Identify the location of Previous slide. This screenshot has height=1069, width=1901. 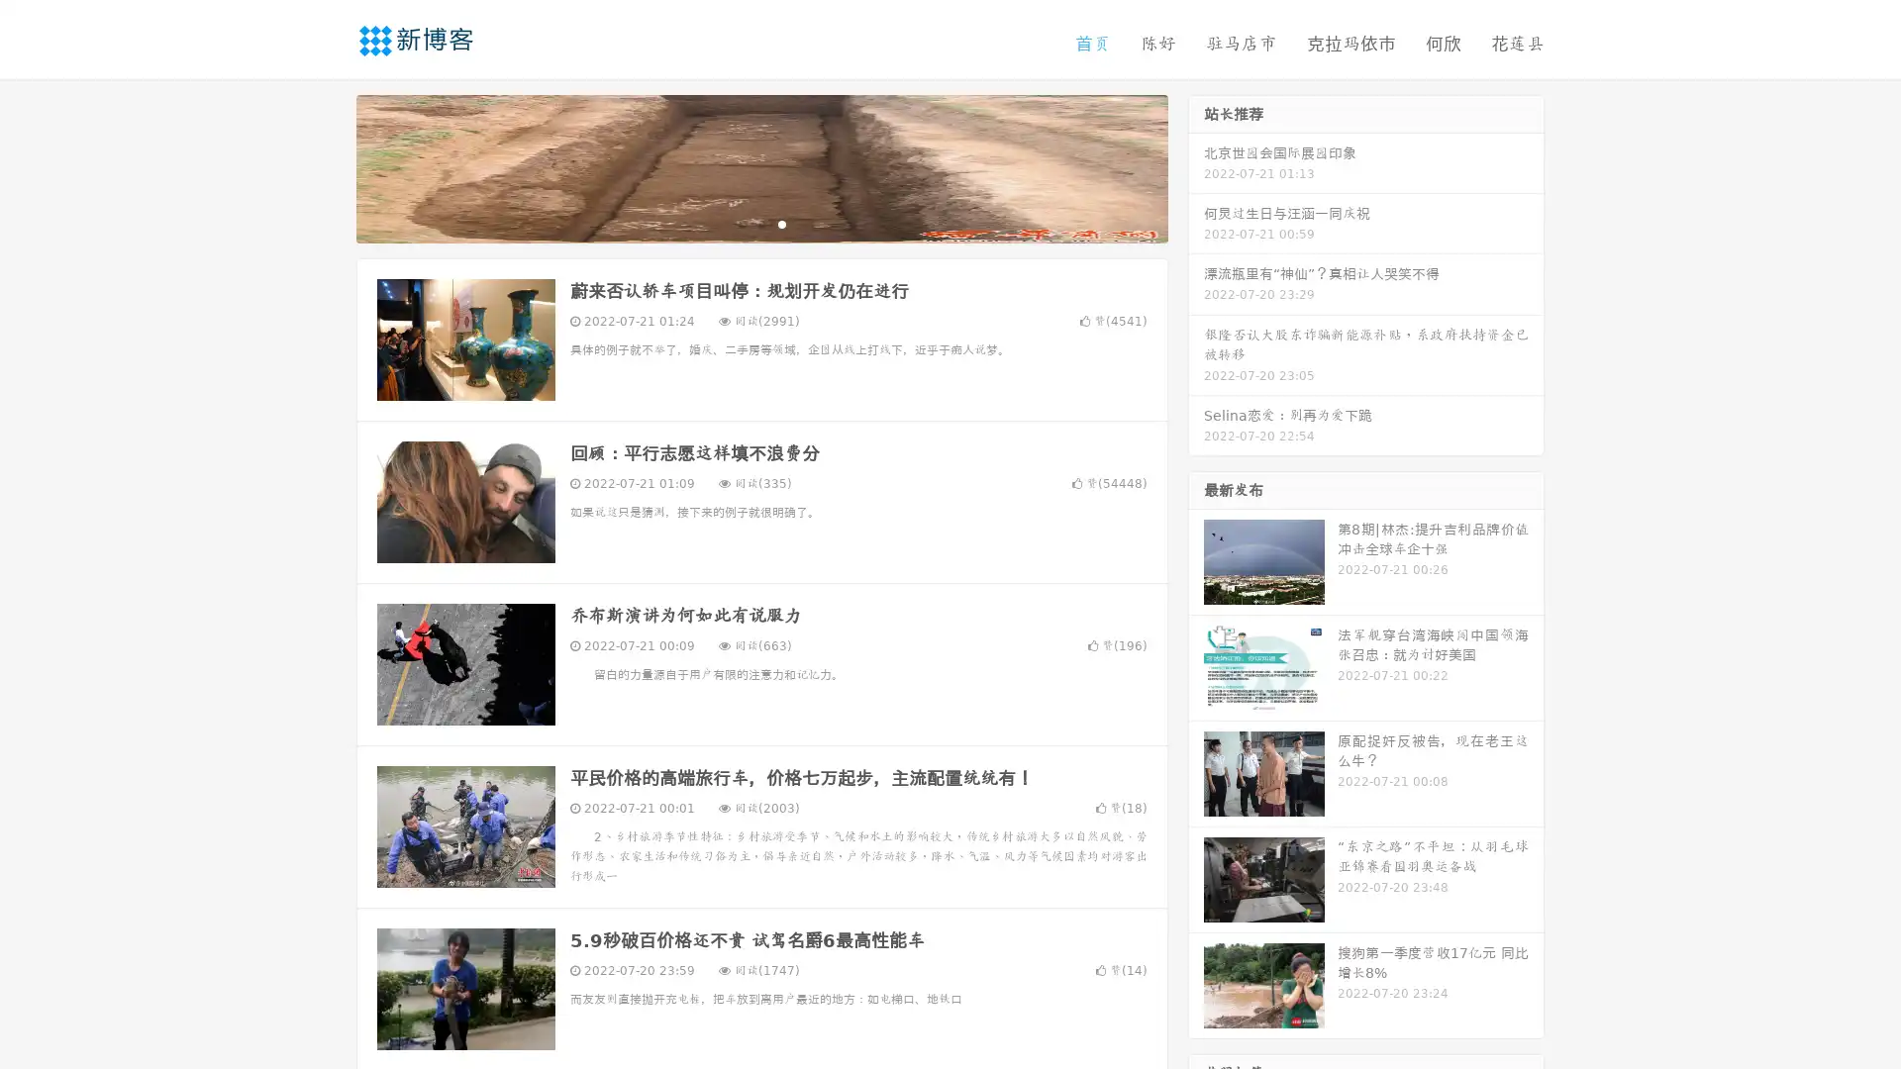
(327, 166).